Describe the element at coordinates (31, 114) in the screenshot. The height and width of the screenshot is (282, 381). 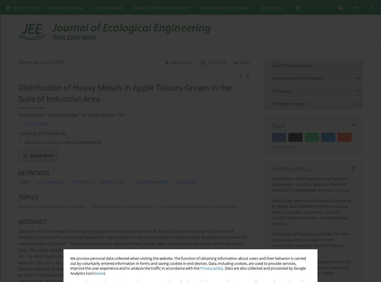
I see `'Resmije  Imeri'` at that location.